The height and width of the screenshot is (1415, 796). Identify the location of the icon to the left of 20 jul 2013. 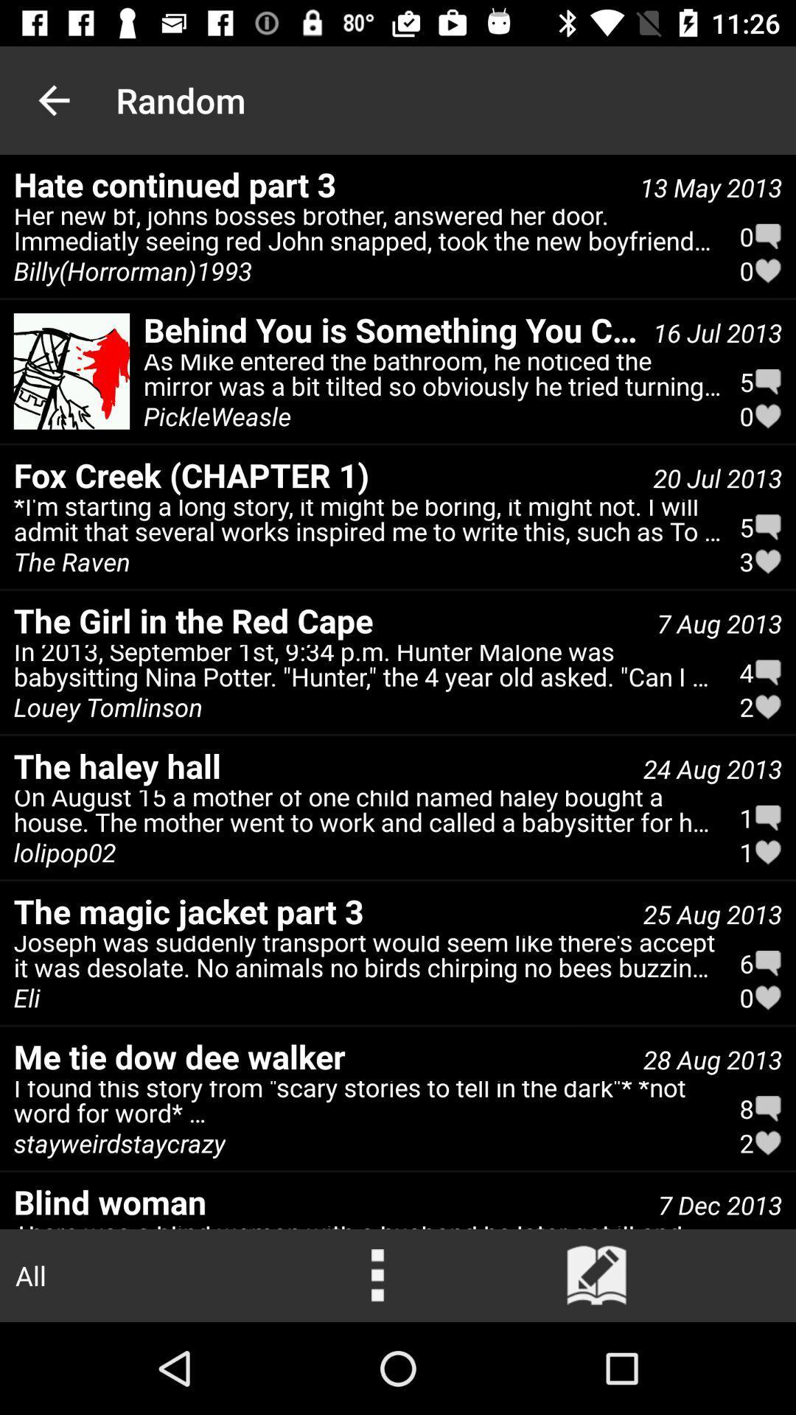
(326, 475).